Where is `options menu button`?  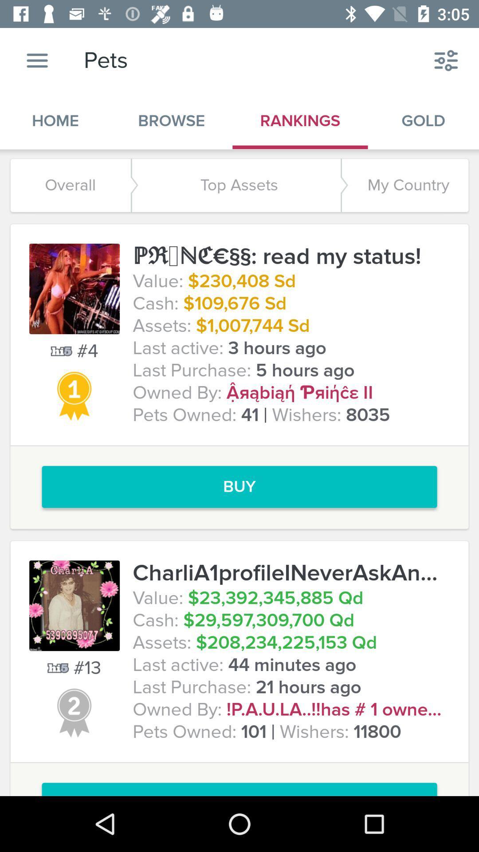 options menu button is located at coordinates (37, 60).